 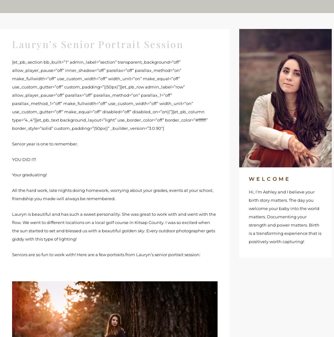 I want to click on 'HOME', so click(x=78, y=6).